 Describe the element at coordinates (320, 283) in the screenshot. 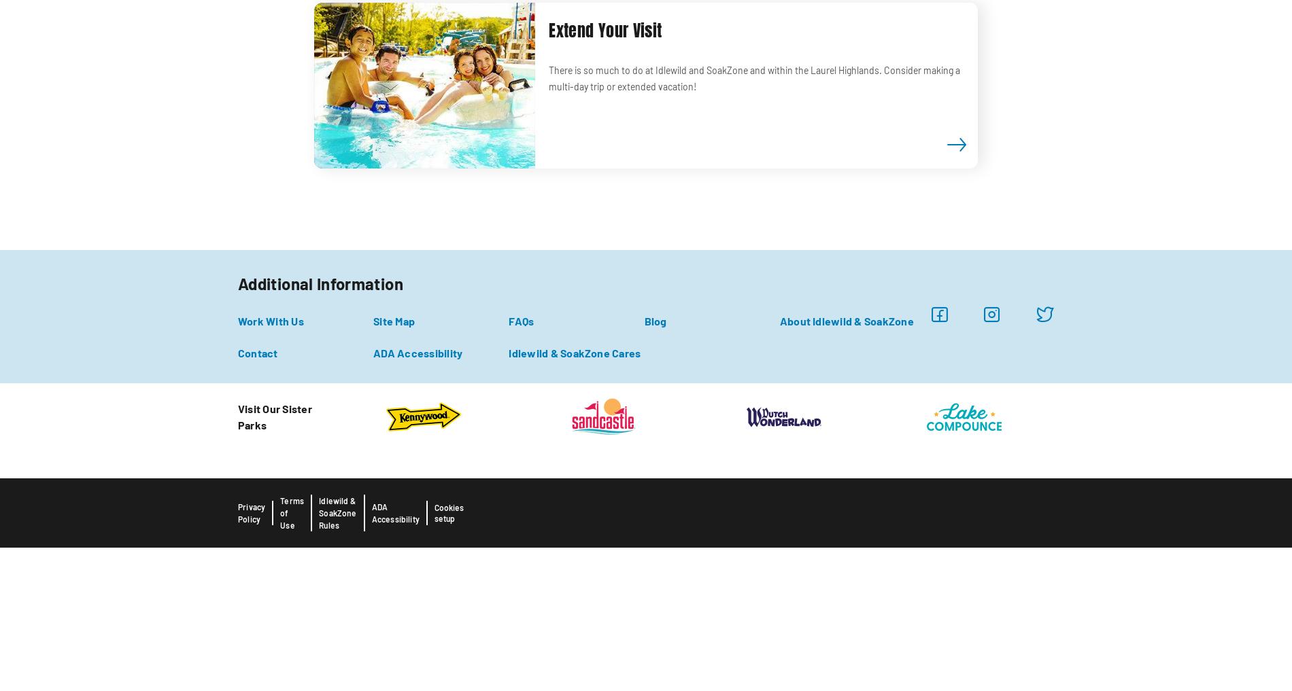

I see `'Additional Information'` at that location.